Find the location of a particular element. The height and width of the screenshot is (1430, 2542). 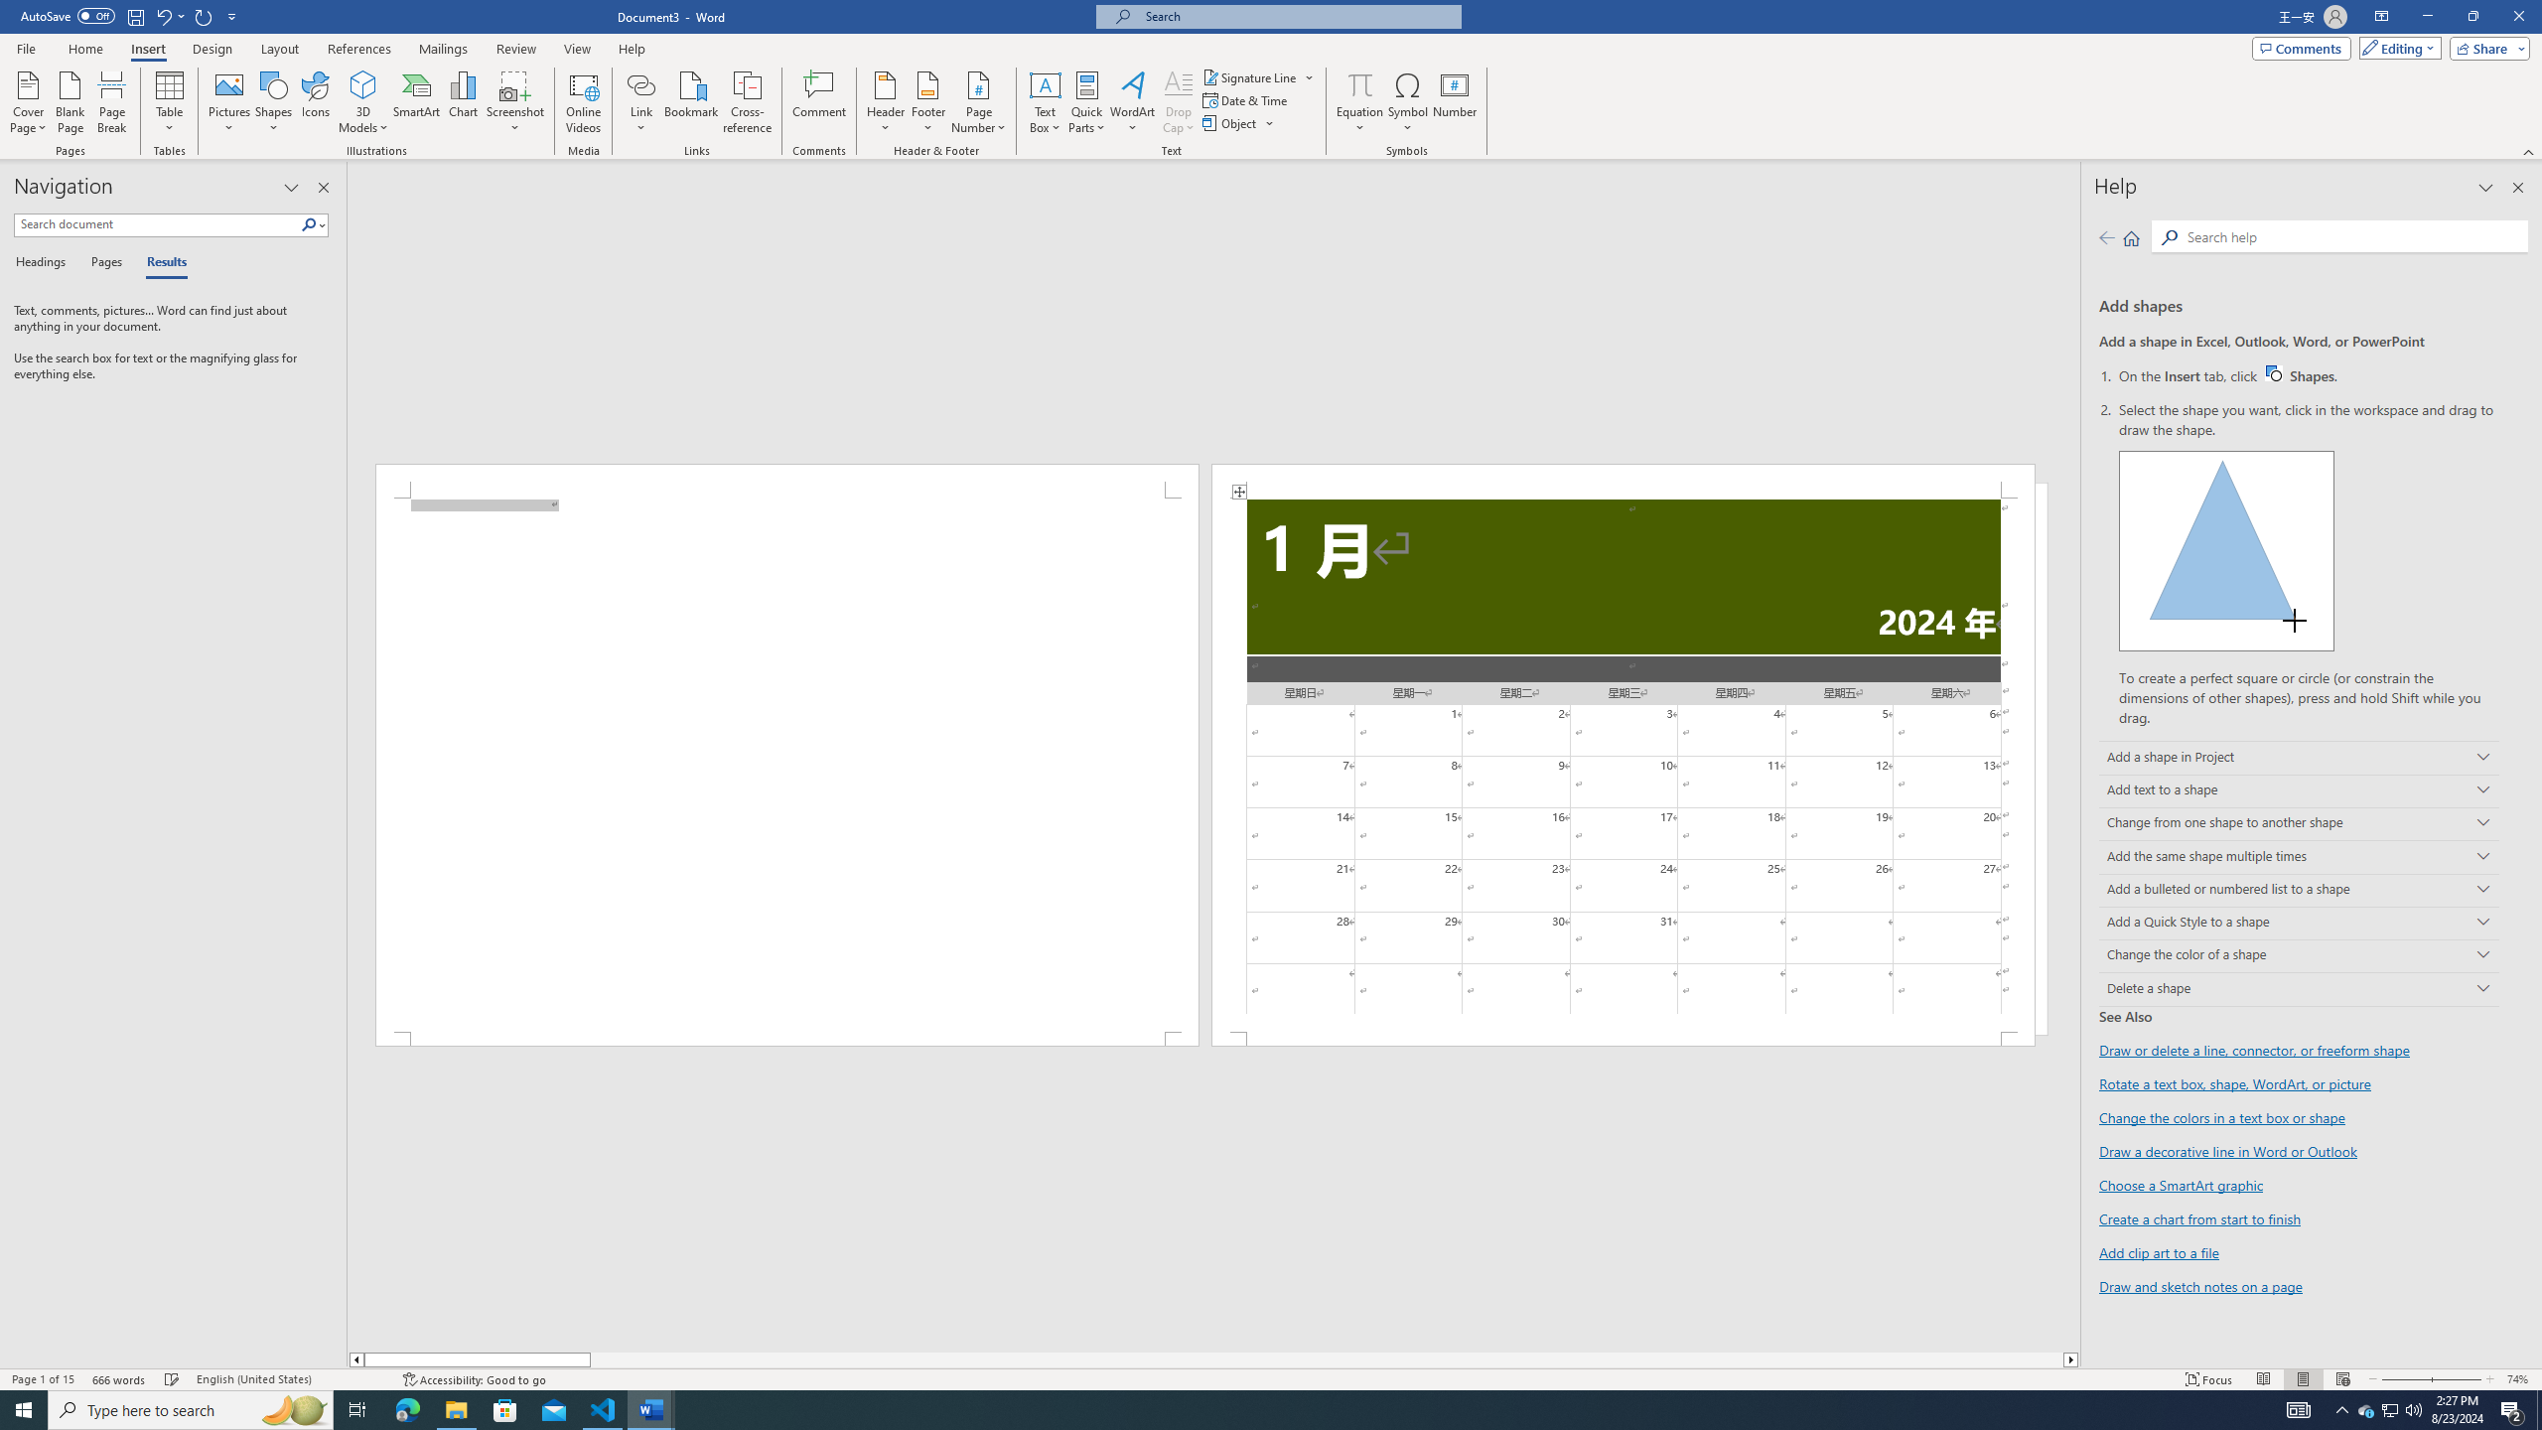

'Customize Quick Access Toolbar' is located at coordinates (231, 15).